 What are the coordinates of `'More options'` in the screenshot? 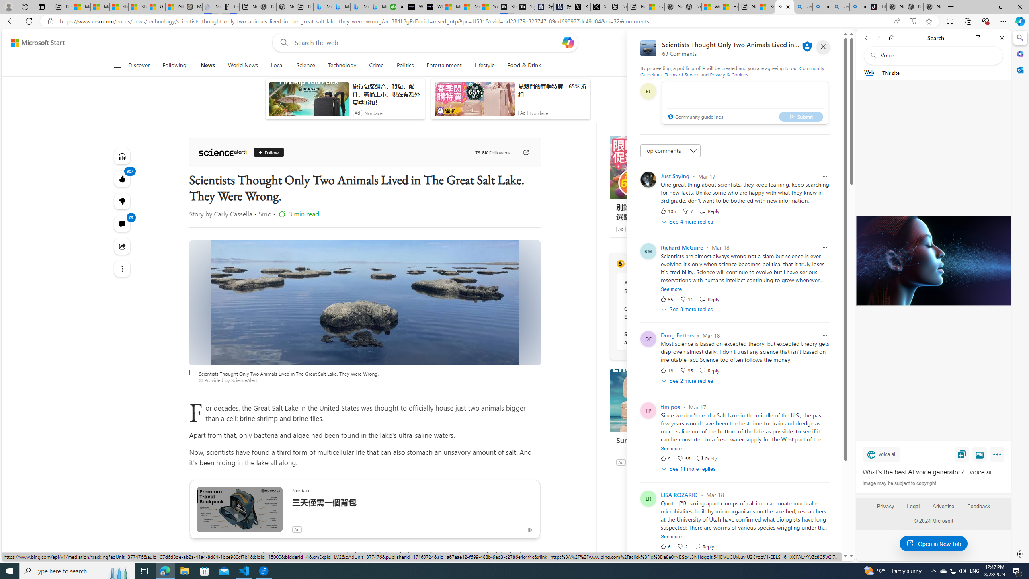 It's located at (990, 37).